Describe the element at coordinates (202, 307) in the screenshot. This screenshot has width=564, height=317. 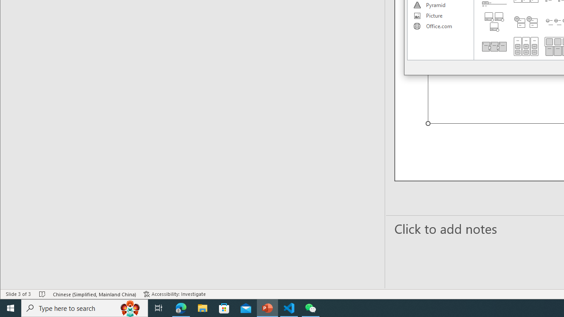
I see `'File Explorer'` at that location.